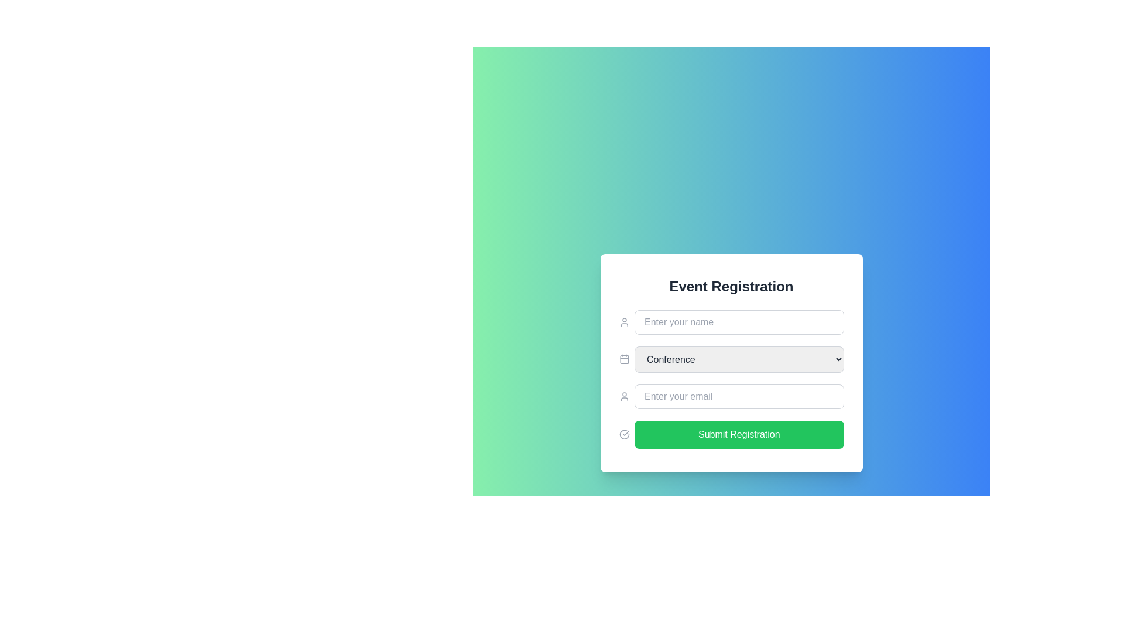 Image resolution: width=1124 pixels, height=632 pixels. I want to click on the 'Event Registration' text label, which is a bold, large-sized heading centered within a rectangle at the top of a form layout, so click(731, 286).